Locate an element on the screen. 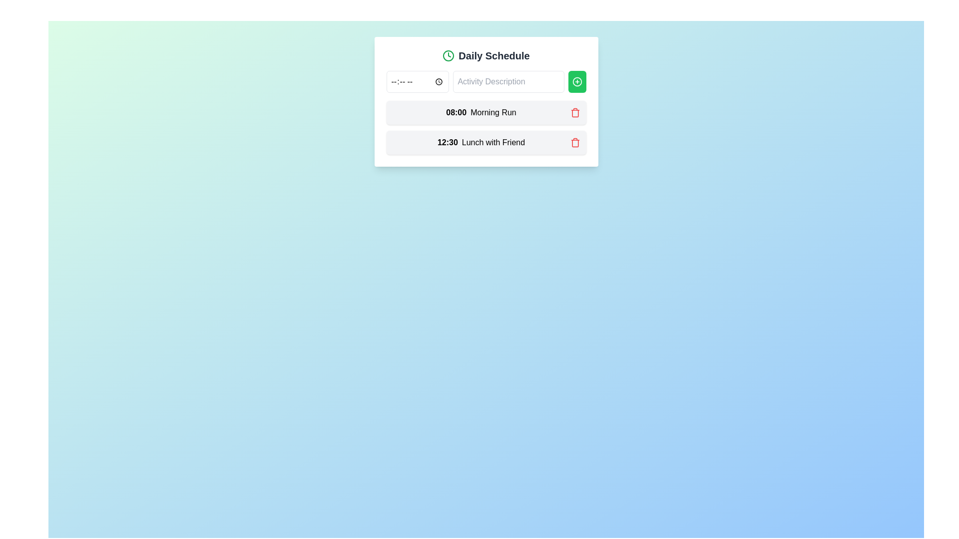 The width and height of the screenshot is (959, 539). the delete icon button located on the right side of the row for the activity '08:00 Morning Run' is located at coordinates (575, 112).